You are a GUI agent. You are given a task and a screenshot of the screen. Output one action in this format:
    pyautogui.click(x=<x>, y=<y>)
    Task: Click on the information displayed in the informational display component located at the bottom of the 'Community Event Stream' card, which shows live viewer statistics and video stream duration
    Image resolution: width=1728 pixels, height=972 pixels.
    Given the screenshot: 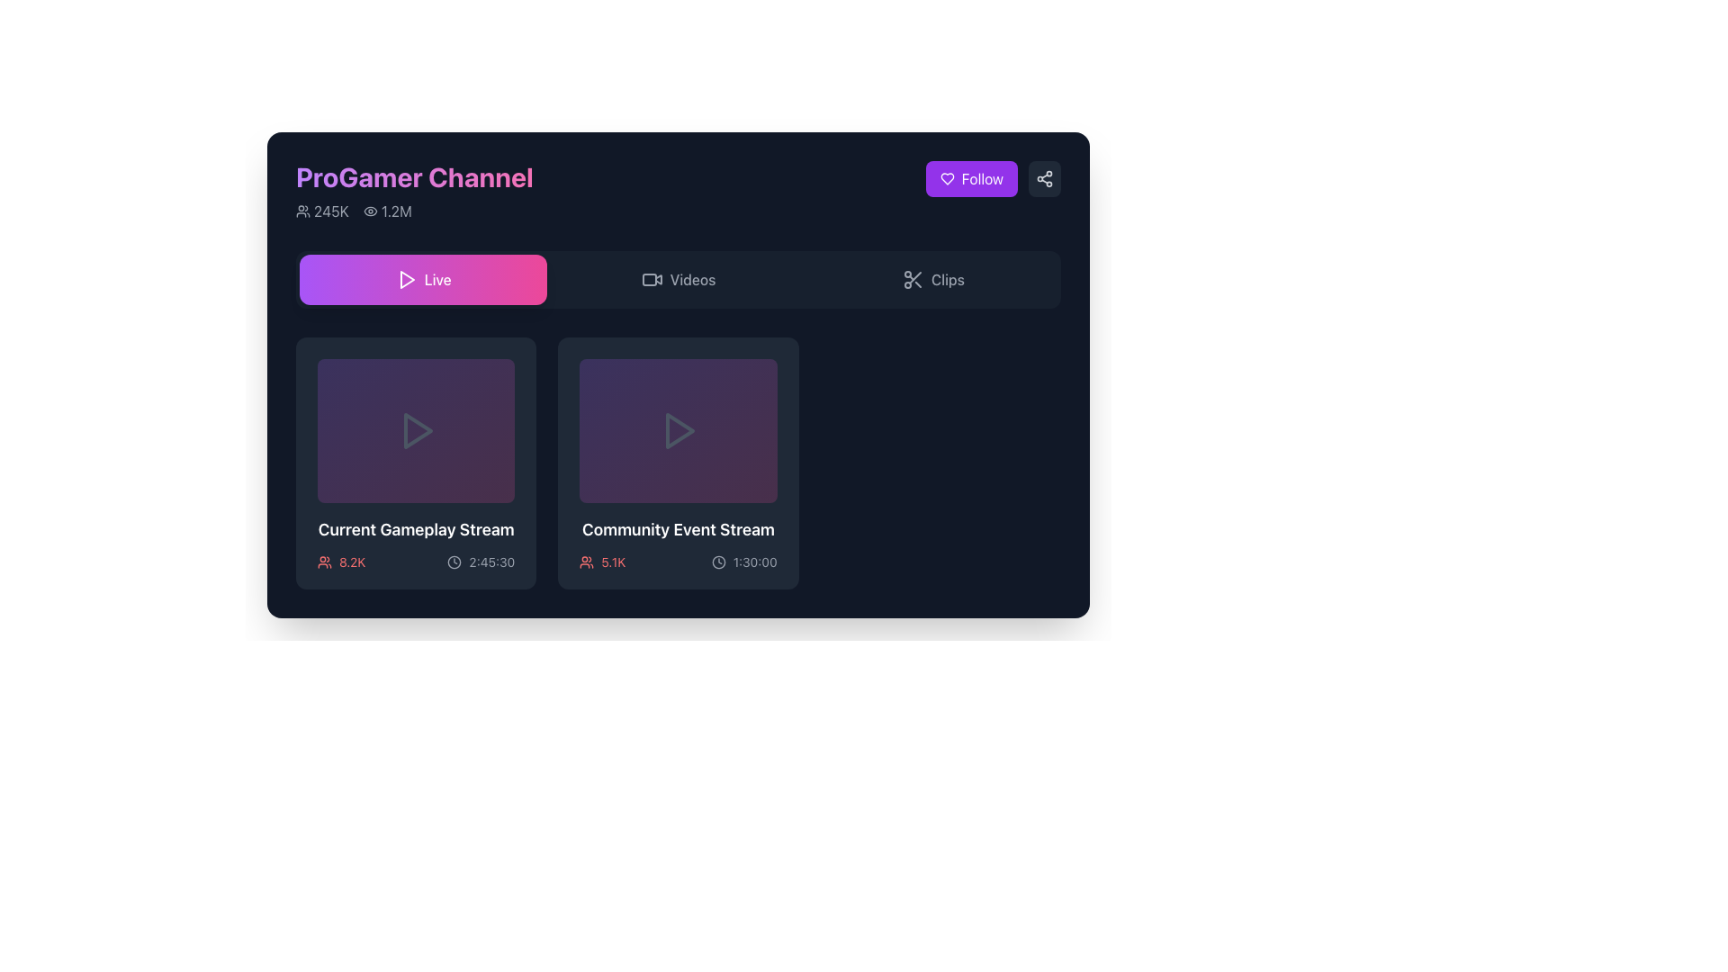 What is the action you would take?
    pyautogui.click(x=677, y=561)
    